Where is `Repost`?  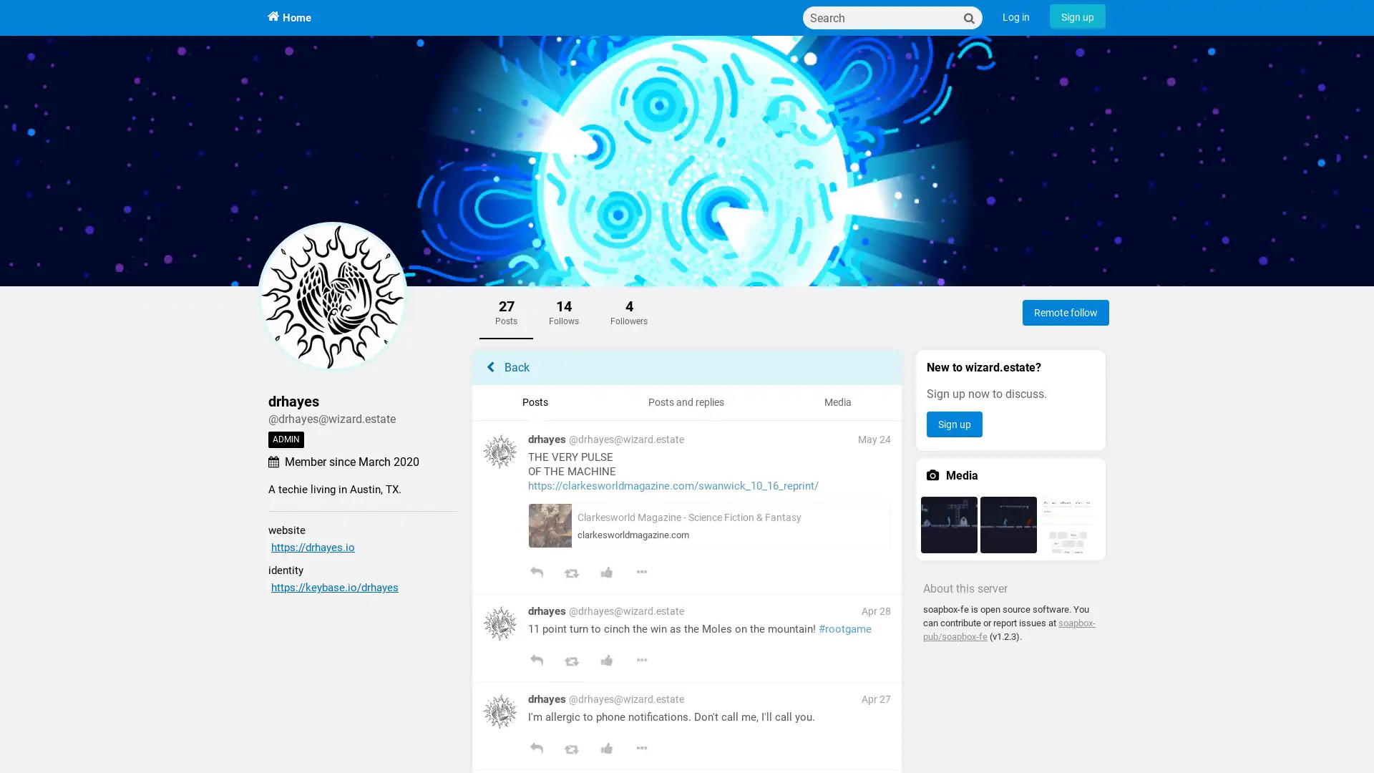 Repost is located at coordinates (570, 573).